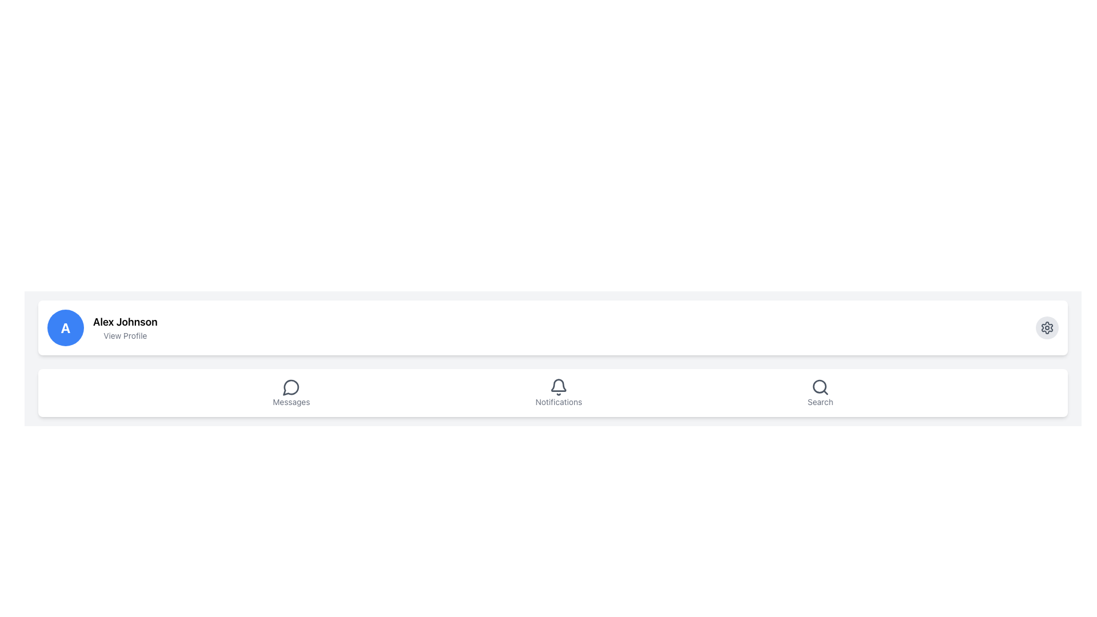 Image resolution: width=1097 pixels, height=617 pixels. I want to click on the search input trigger icon button located at the bottom-center of the interface, just above the 'Search' label for accessibility navigation, so click(819, 387).